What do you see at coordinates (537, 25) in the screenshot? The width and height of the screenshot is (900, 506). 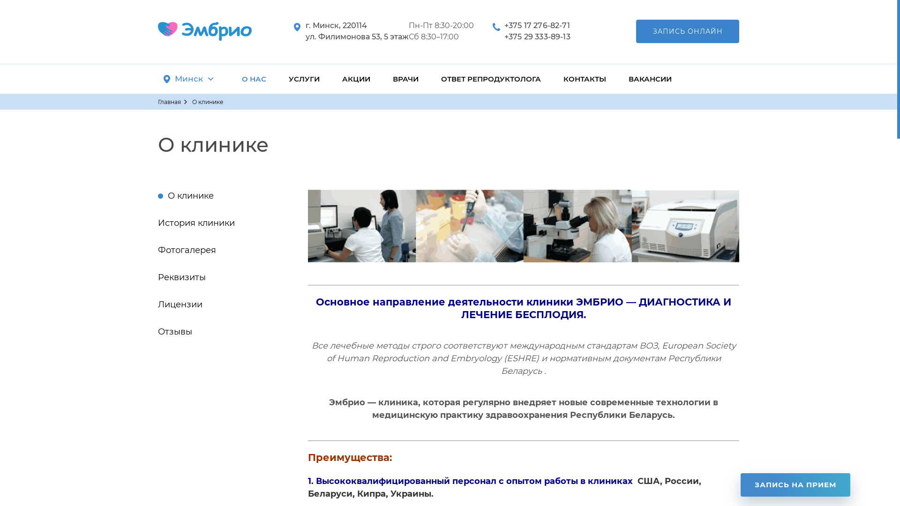 I see `'+375 17 276-82-71'` at bounding box center [537, 25].